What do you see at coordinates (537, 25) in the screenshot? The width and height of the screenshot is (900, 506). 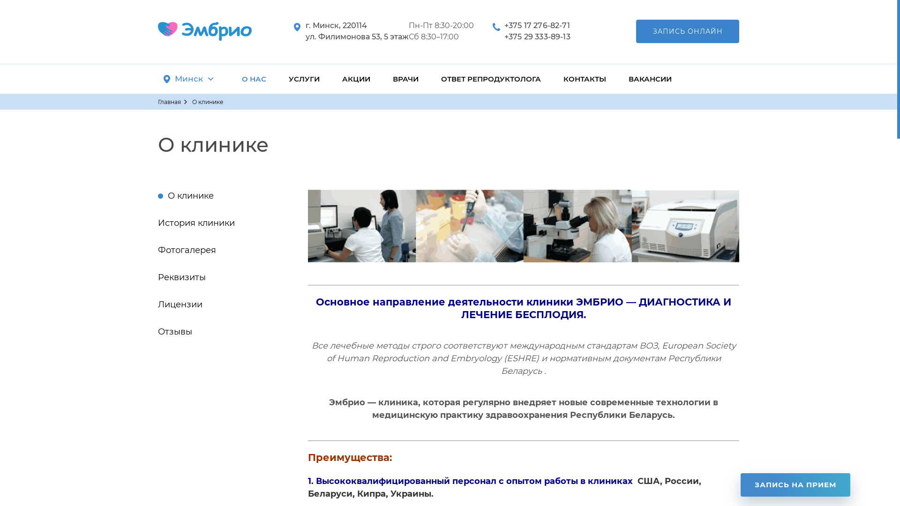 I see `'+375 17 276-82-71'` at bounding box center [537, 25].